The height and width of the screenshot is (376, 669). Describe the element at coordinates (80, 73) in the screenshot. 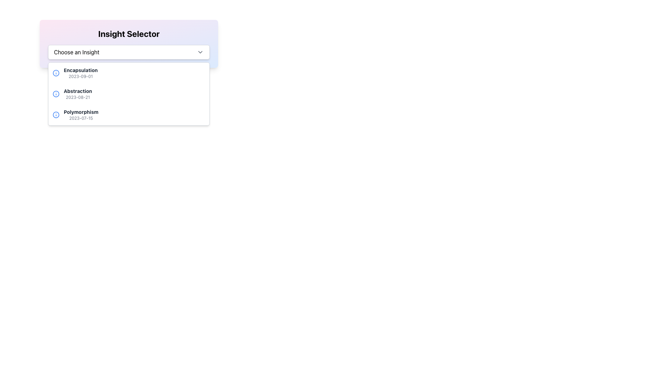

I see `the first selectable item` at that location.